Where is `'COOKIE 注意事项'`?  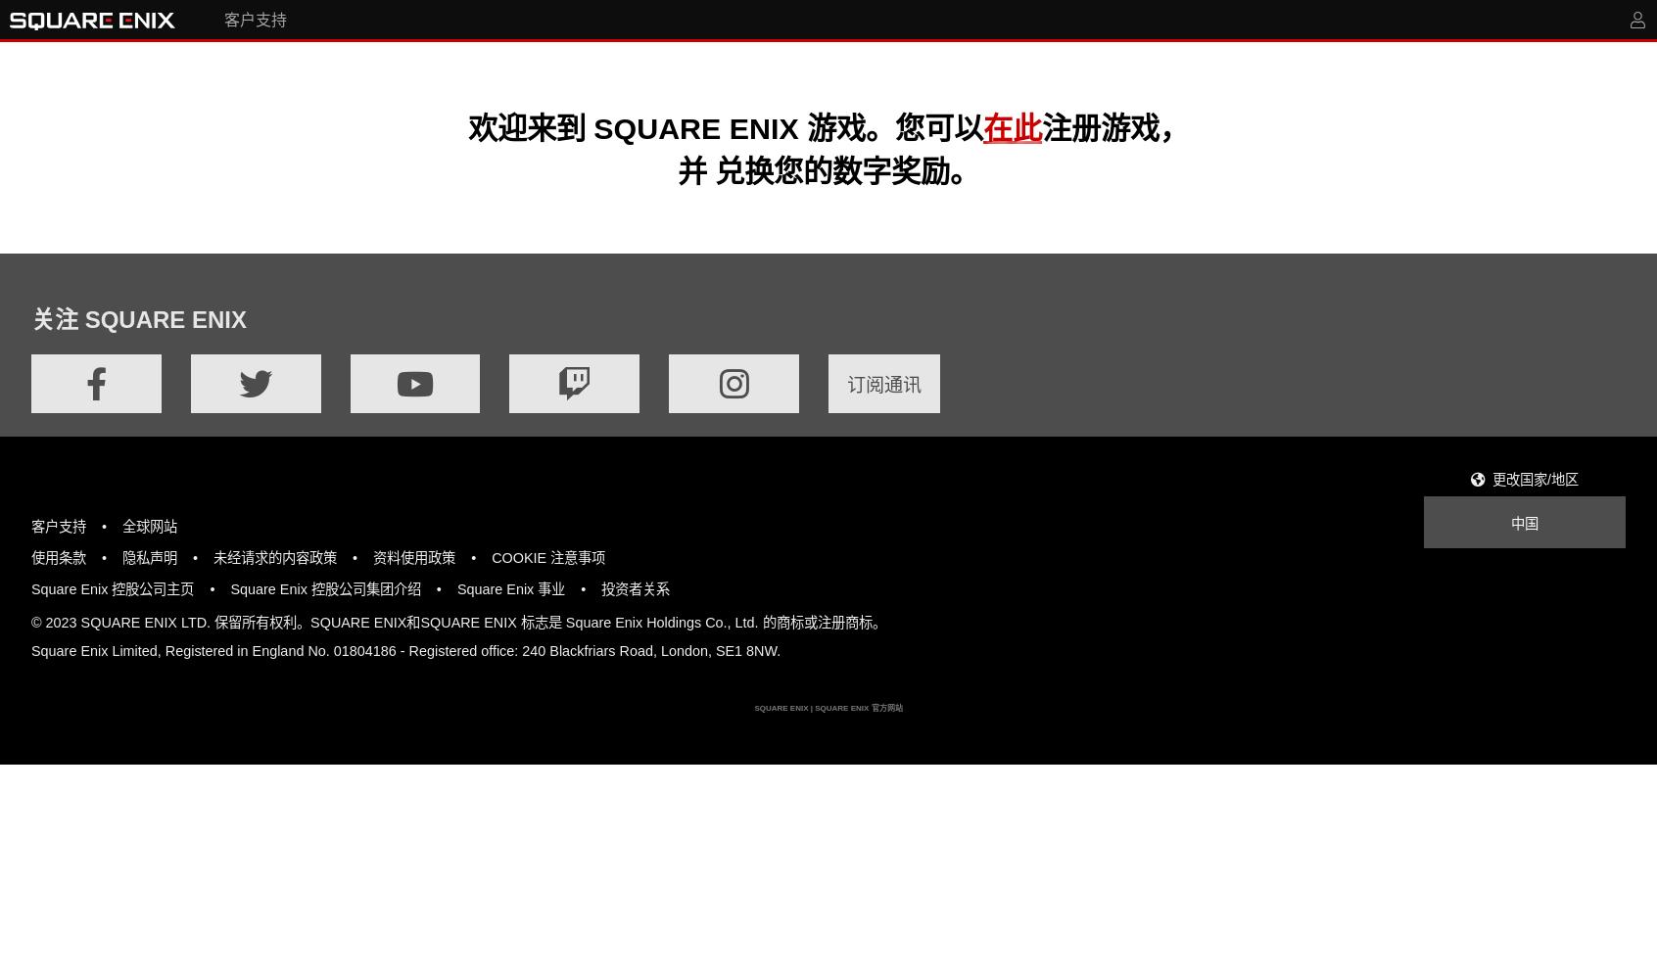
'COOKIE 注意事项' is located at coordinates (548, 557).